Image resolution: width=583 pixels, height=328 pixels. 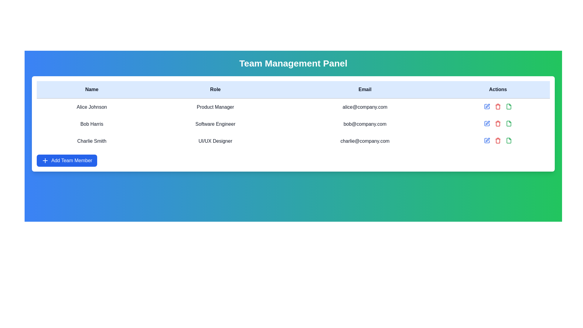 I want to click on the email address displayed for the team member 'Charlie Smith' in the 'Email' column of the 'Team Management Panel' table, so click(x=365, y=141).